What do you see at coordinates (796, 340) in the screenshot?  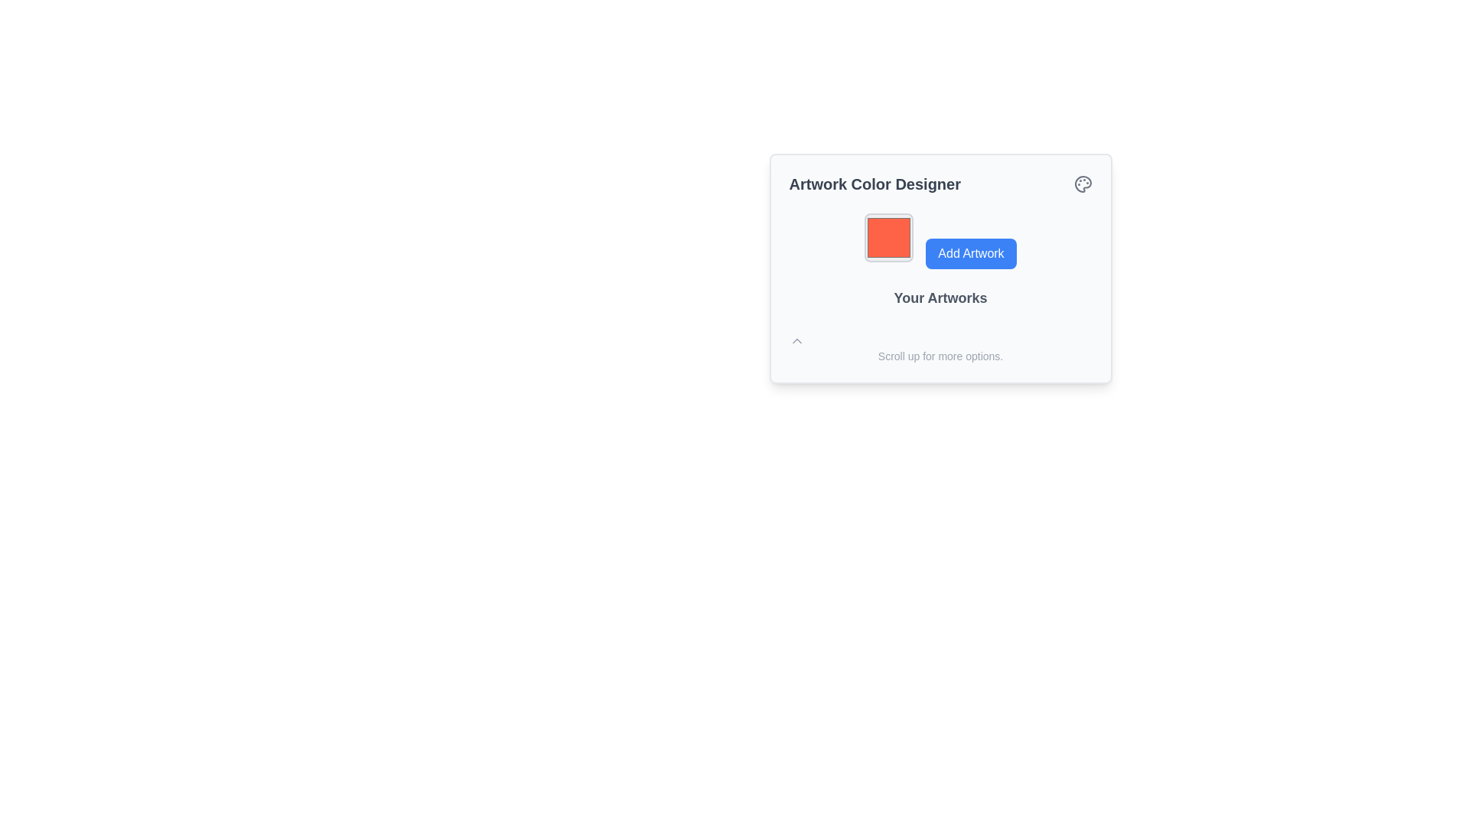 I see `the upward chevron icon located at the bottom left of the main card interface, which indicates to scroll up for more options` at bounding box center [796, 340].